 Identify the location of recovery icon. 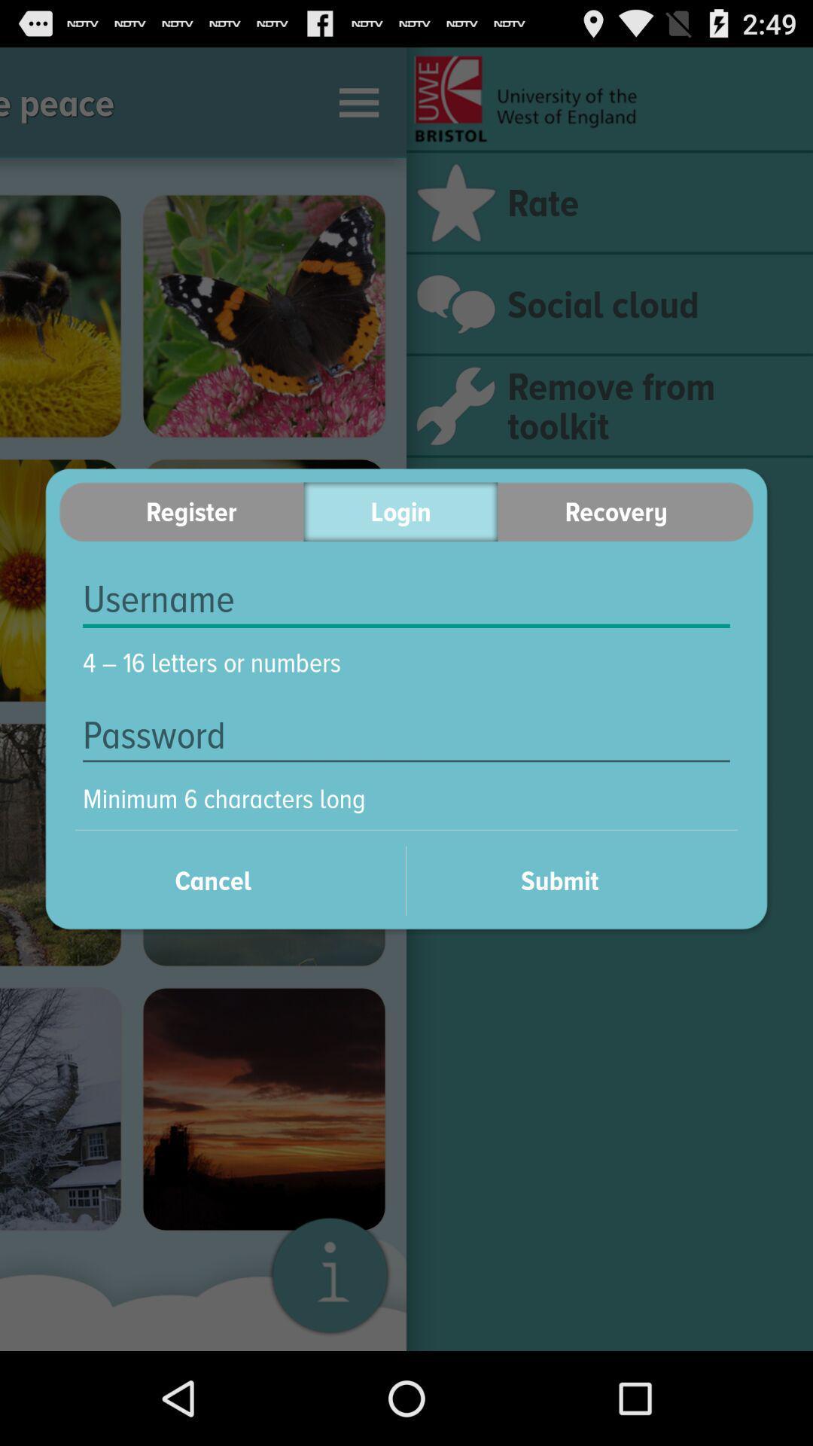
(626, 511).